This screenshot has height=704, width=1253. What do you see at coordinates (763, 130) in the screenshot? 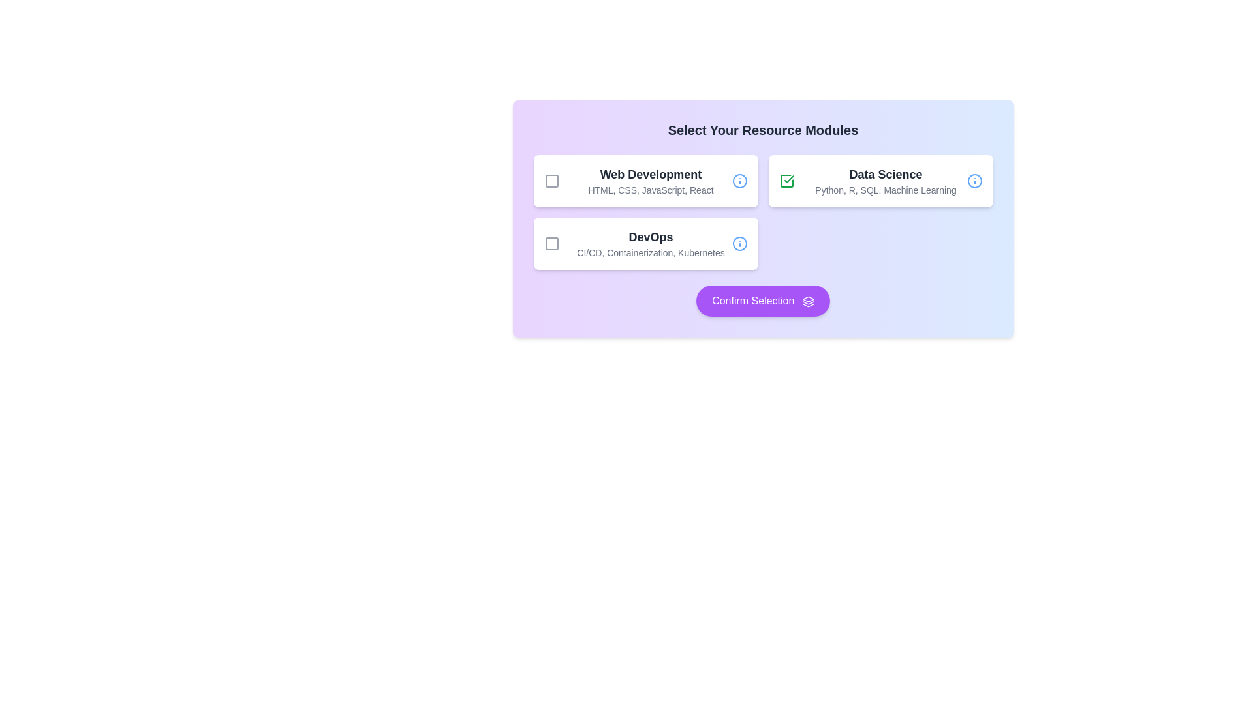
I see `the text label displaying 'Select Your Resource Modules' which is located at the top center of the module selection interface` at bounding box center [763, 130].